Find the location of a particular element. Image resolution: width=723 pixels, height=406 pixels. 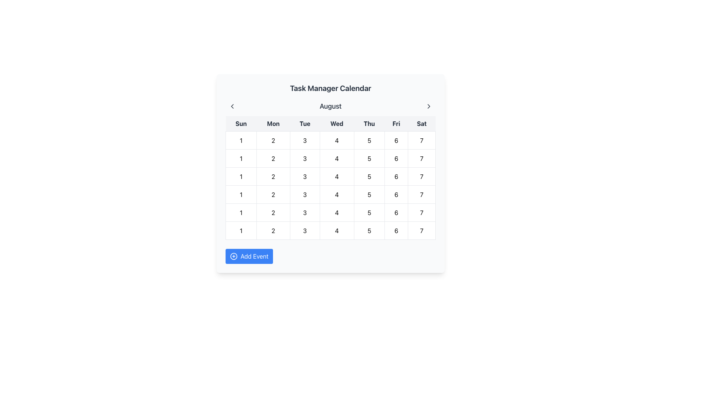

the grid cell containing the number '2' is located at coordinates (273, 176).